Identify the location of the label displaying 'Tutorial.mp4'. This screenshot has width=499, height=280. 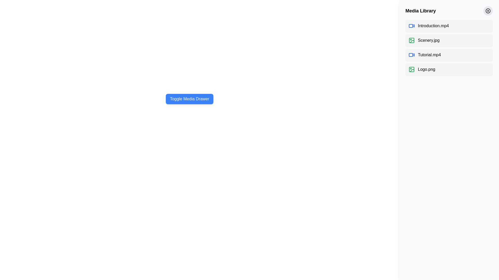
(429, 55).